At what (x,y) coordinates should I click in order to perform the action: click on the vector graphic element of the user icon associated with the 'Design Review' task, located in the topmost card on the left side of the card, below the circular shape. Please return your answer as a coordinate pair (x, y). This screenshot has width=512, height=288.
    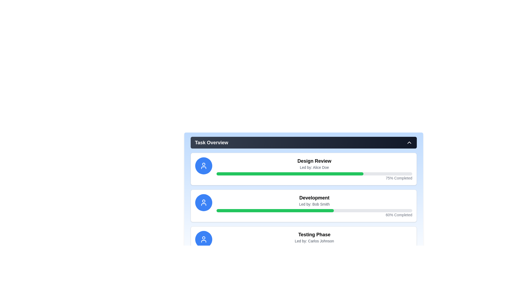
    Looking at the image, I should click on (203, 167).